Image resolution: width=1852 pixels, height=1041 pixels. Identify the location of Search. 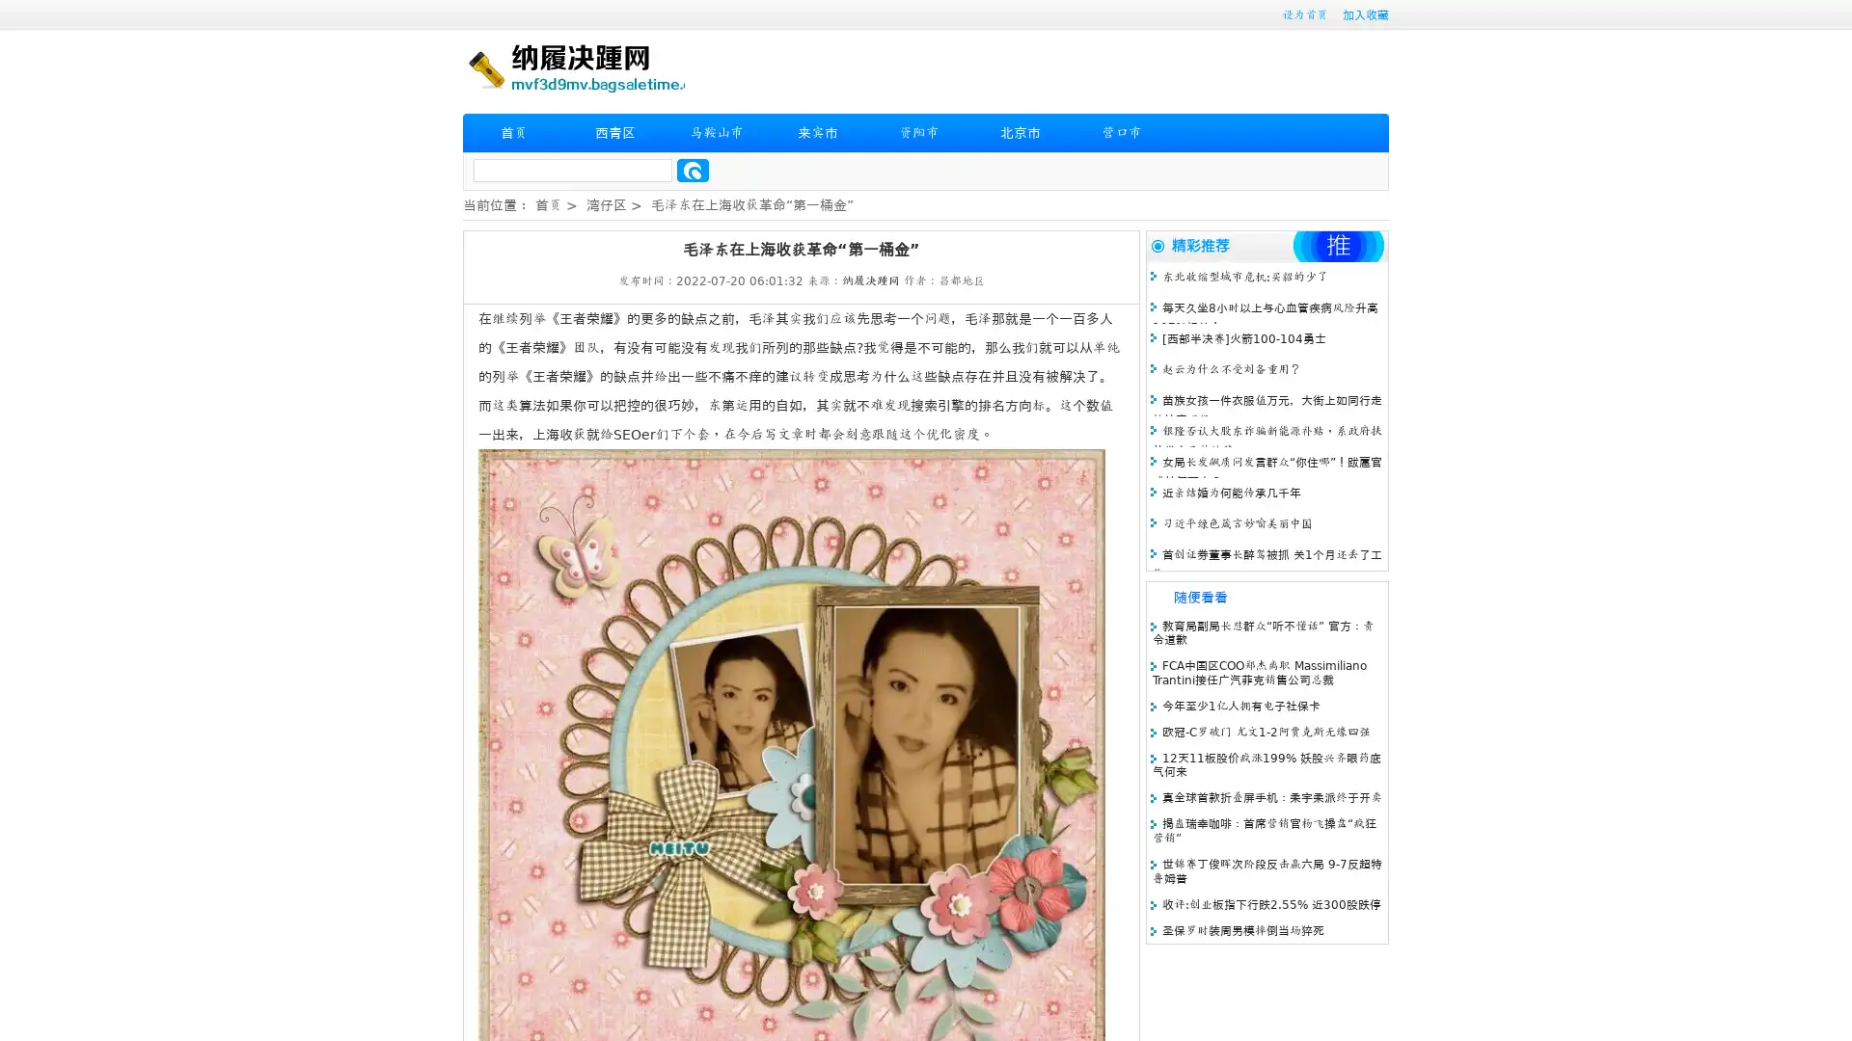
(693, 170).